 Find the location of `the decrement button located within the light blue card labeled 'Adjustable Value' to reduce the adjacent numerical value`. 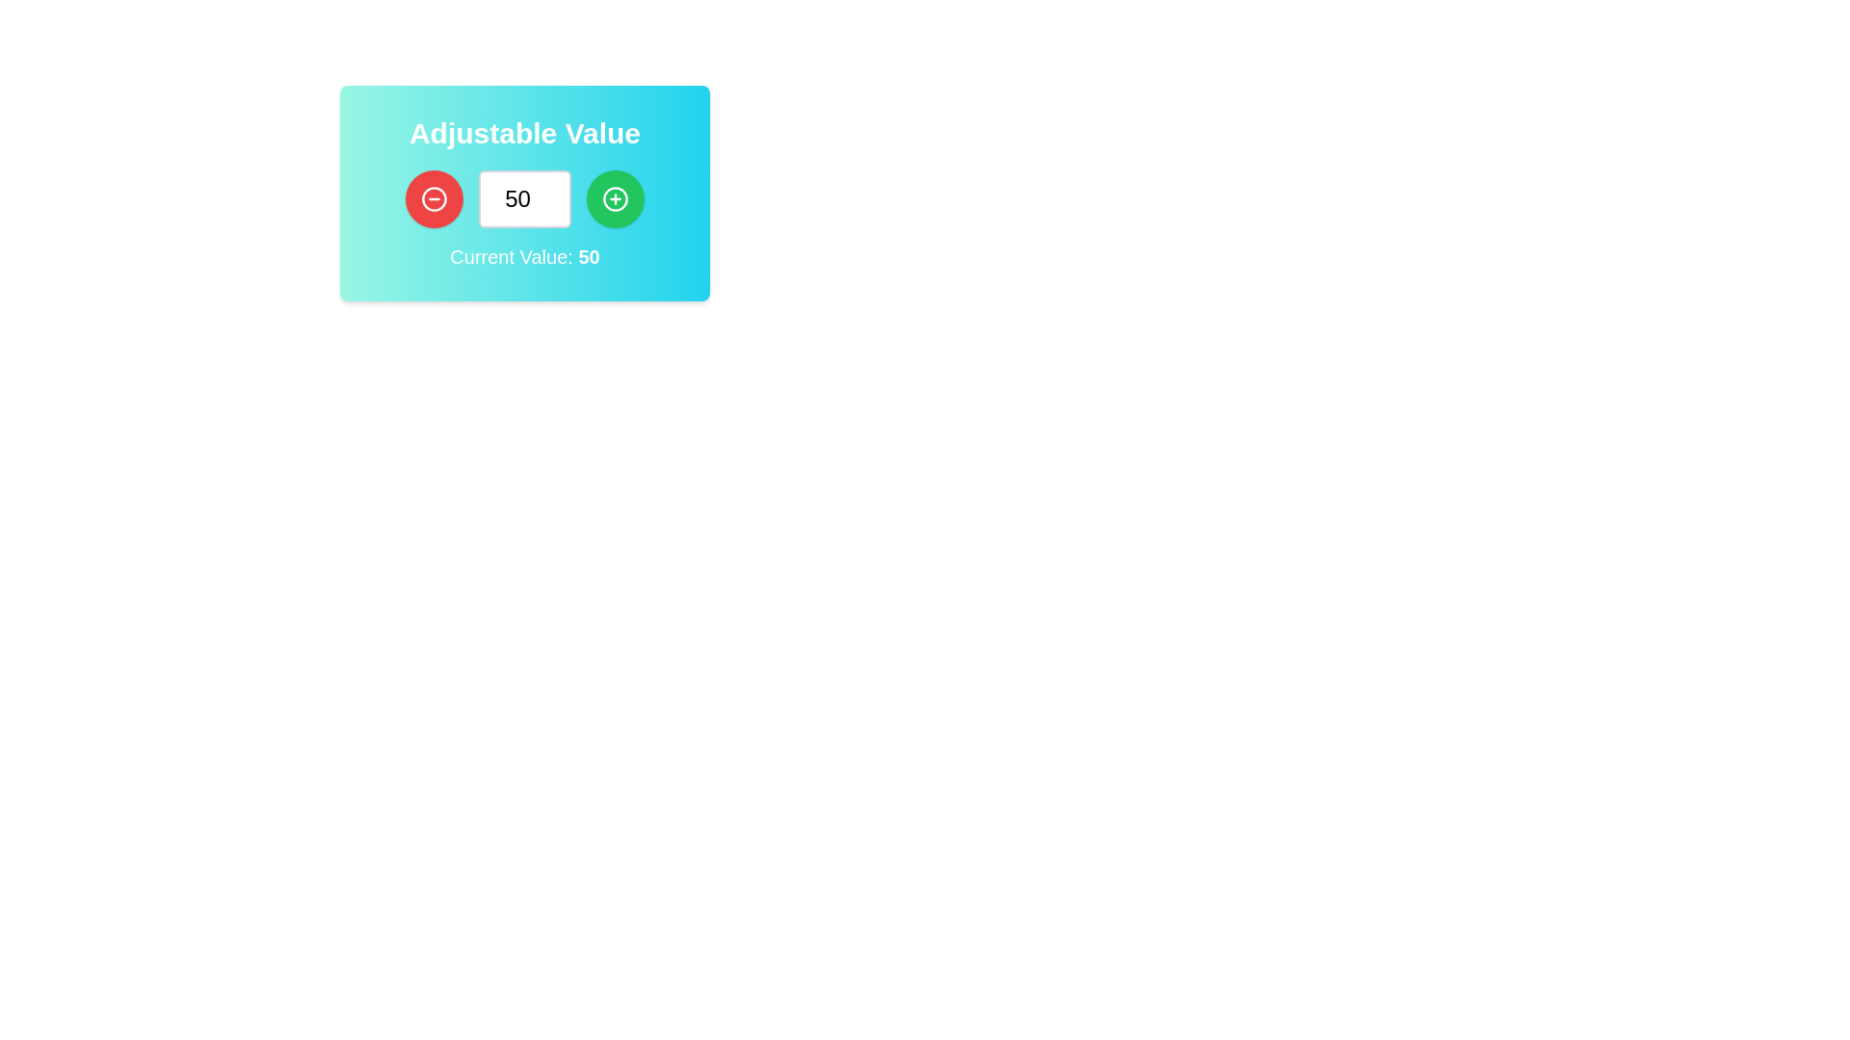

the decrement button located within the light blue card labeled 'Adjustable Value' to reduce the adjacent numerical value is located at coordinates (434, 199).